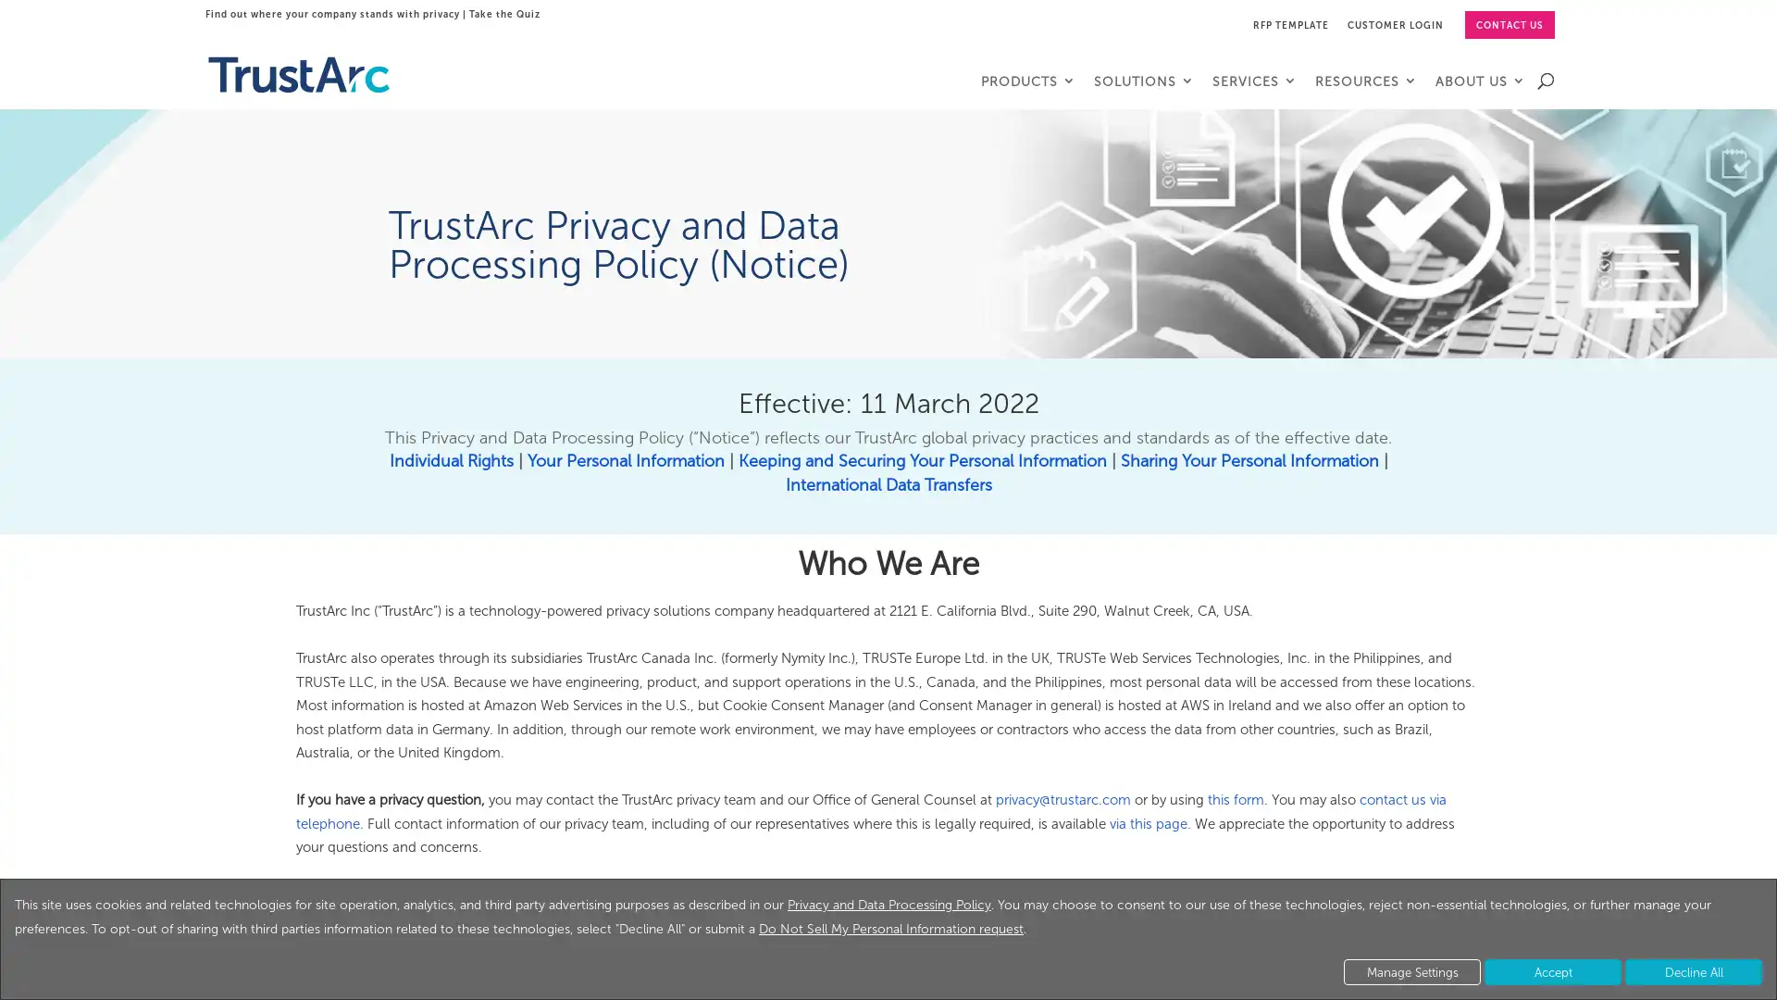 This screenshot has width=1777, height=1000. Describe the element at coordinates (1553, 970) in the screenshot. I see `Accept` at that location.